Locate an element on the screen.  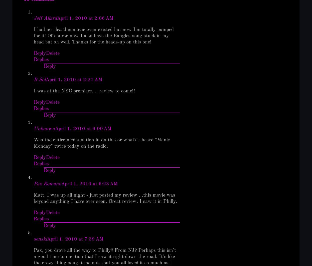
'Pax Romano' is located at coordinates (47, 184).